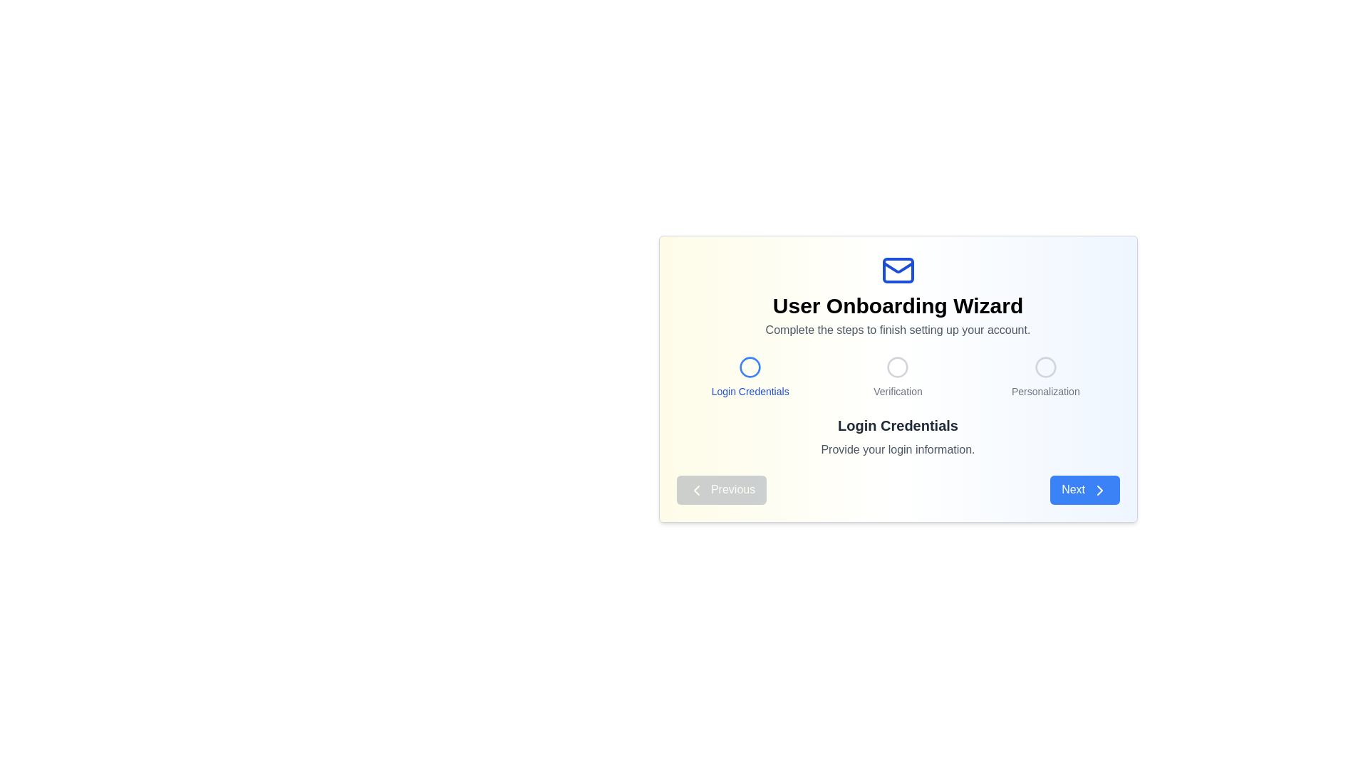 This screenshot has width=1368, height=769. I want to click on the visual state of the first circle icon in the onboarding wizard interface, which has a blue outline and a transparent center, indicating a step in the process, so click(750, 367).